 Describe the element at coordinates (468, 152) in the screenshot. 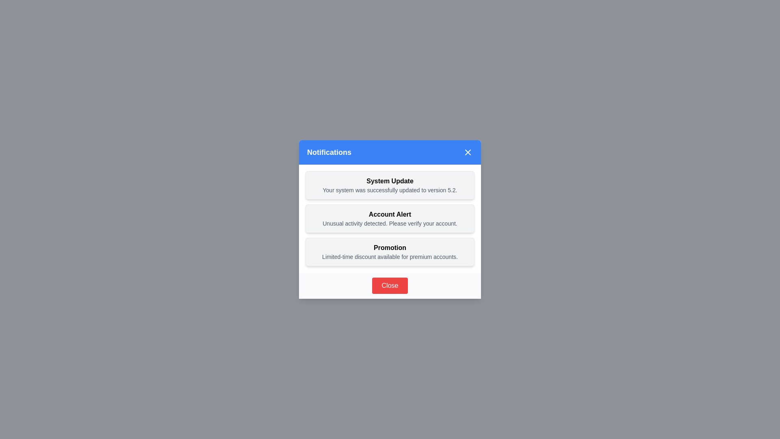

I see `the red 'X' close icon located in the top-right corner of the blue header section labeled 'Notifications'` at that location.